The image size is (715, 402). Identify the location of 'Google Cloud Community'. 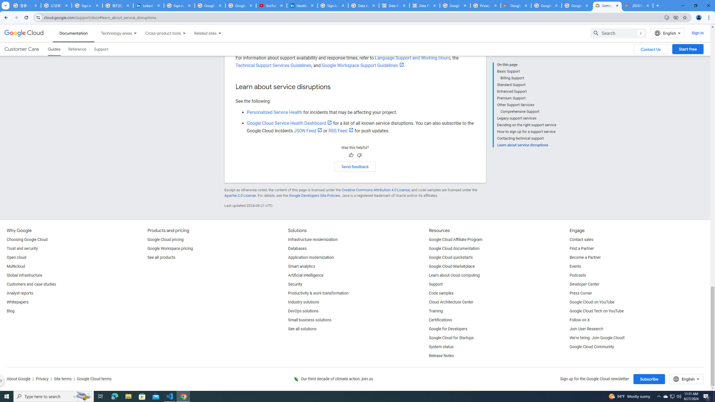
(591, 346).